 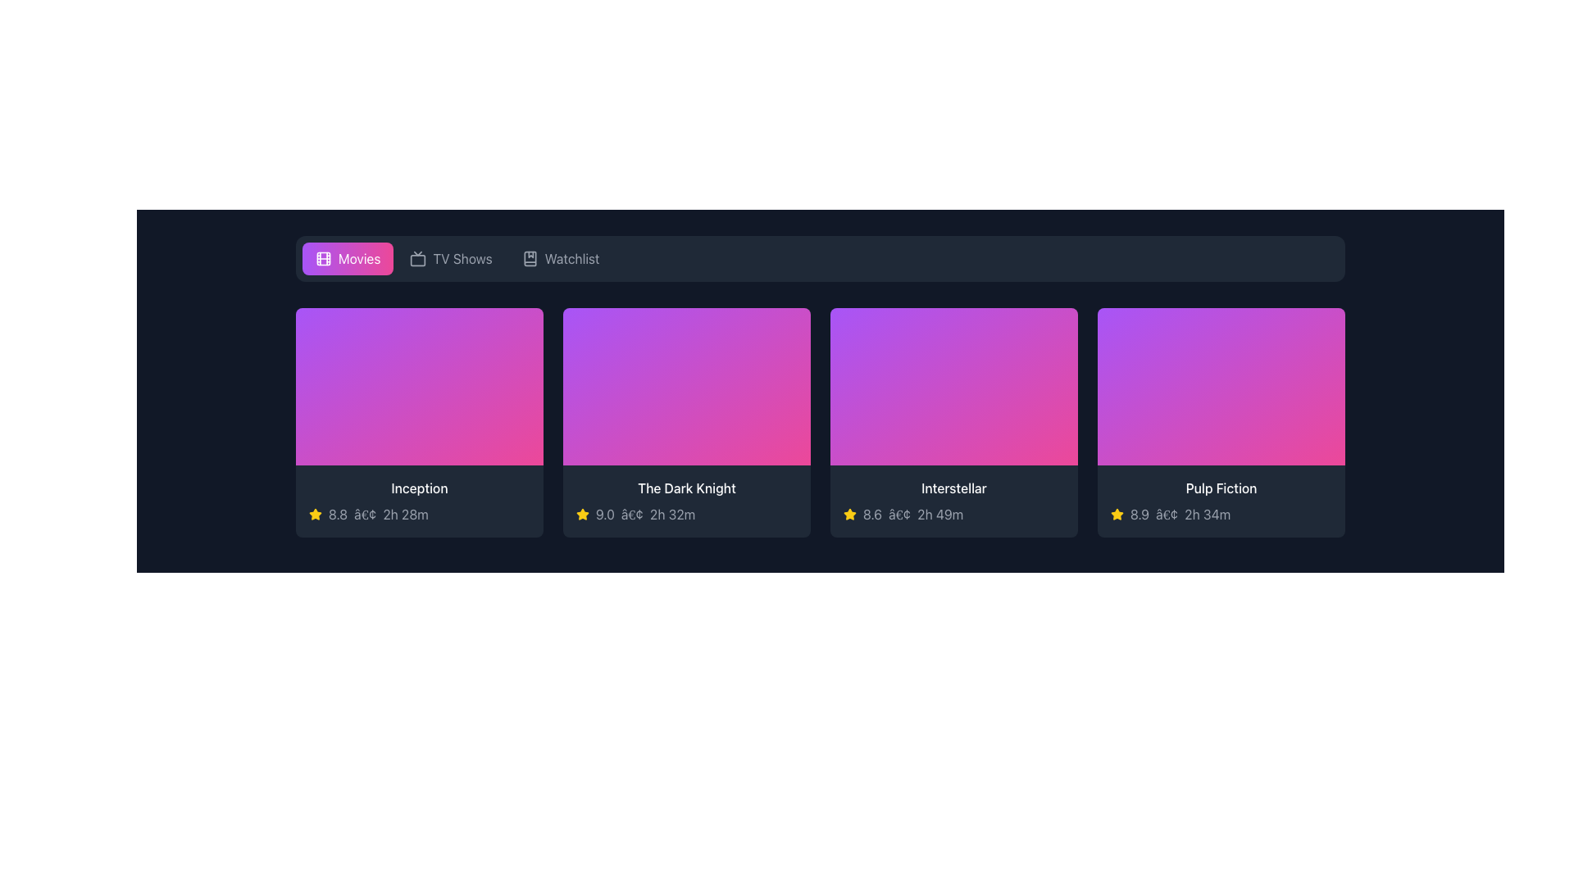 What do you see at coordinates (953, 501) in the screenshot?
I see `textual information block containing the title, star rating, and duration of the movie 'Interstellar', located at the bottom of the movie card` at bounding box center [953, 501].